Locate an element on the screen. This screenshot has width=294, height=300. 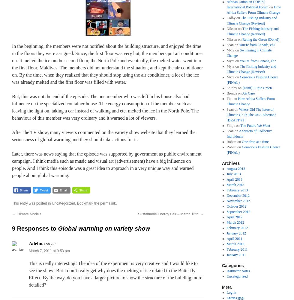
'Entries' is located at coordinates (226, 297).